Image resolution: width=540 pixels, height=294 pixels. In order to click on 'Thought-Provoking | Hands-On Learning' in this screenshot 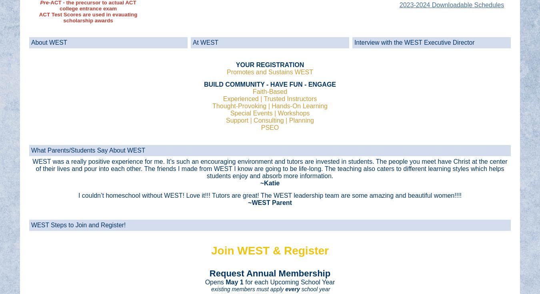, I will do `click(270, 106)`.